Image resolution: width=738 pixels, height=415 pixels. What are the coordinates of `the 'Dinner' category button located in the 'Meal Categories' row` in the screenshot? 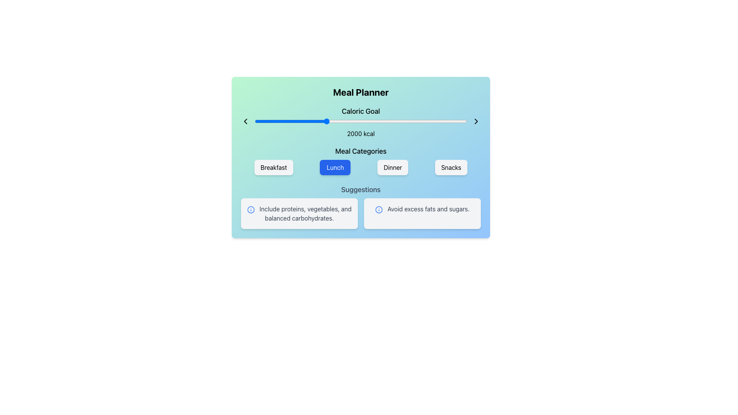 It's located at (393, 167).